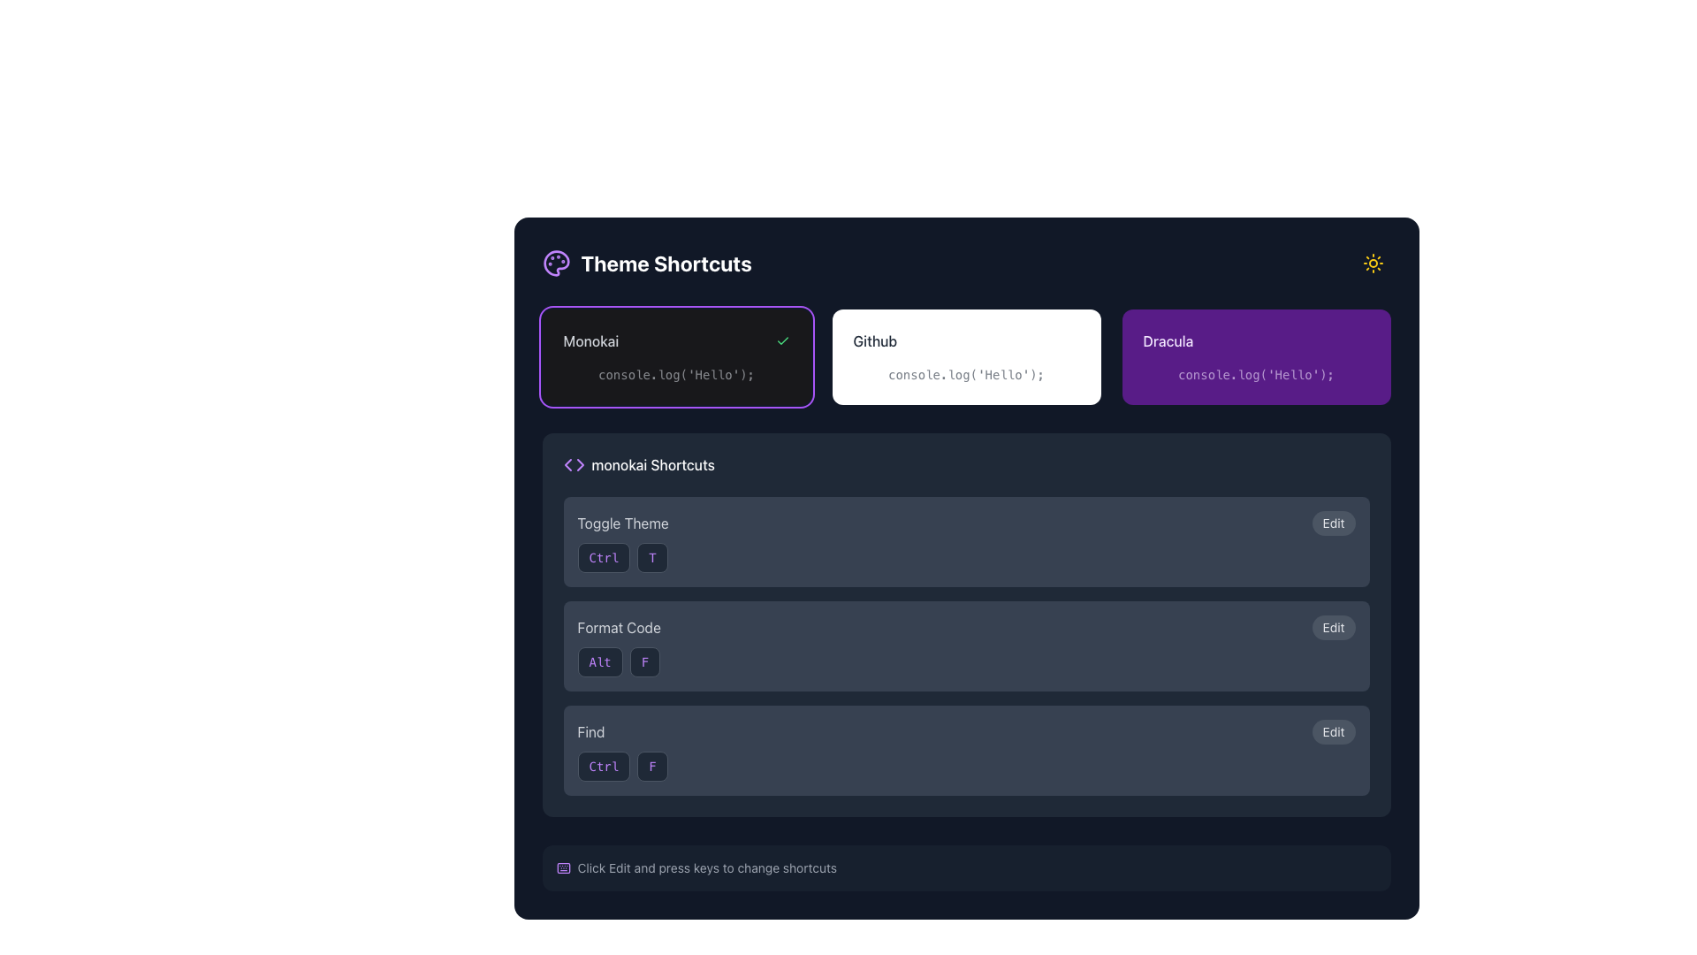 The width and height of the screenshot is (1697, 955). Describe the element at coordinates (562, 867) in the screenshot. I see `the SVG rectangle graphic representing a keyboard within the dark-themed interface, located in the top-right section of the application` at that location.